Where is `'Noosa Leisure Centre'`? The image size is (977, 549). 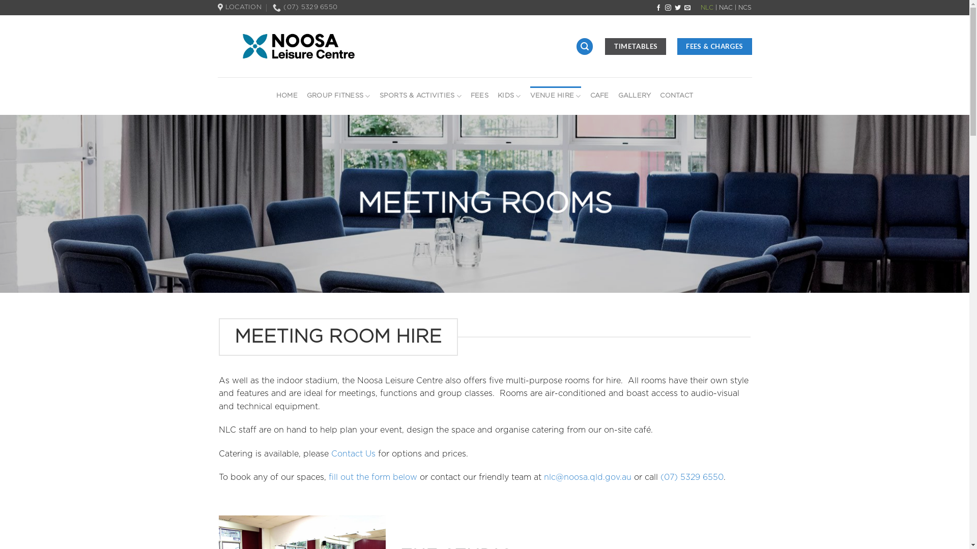
'Noosa Leisure Centre' is located at coordinates (315, 46).